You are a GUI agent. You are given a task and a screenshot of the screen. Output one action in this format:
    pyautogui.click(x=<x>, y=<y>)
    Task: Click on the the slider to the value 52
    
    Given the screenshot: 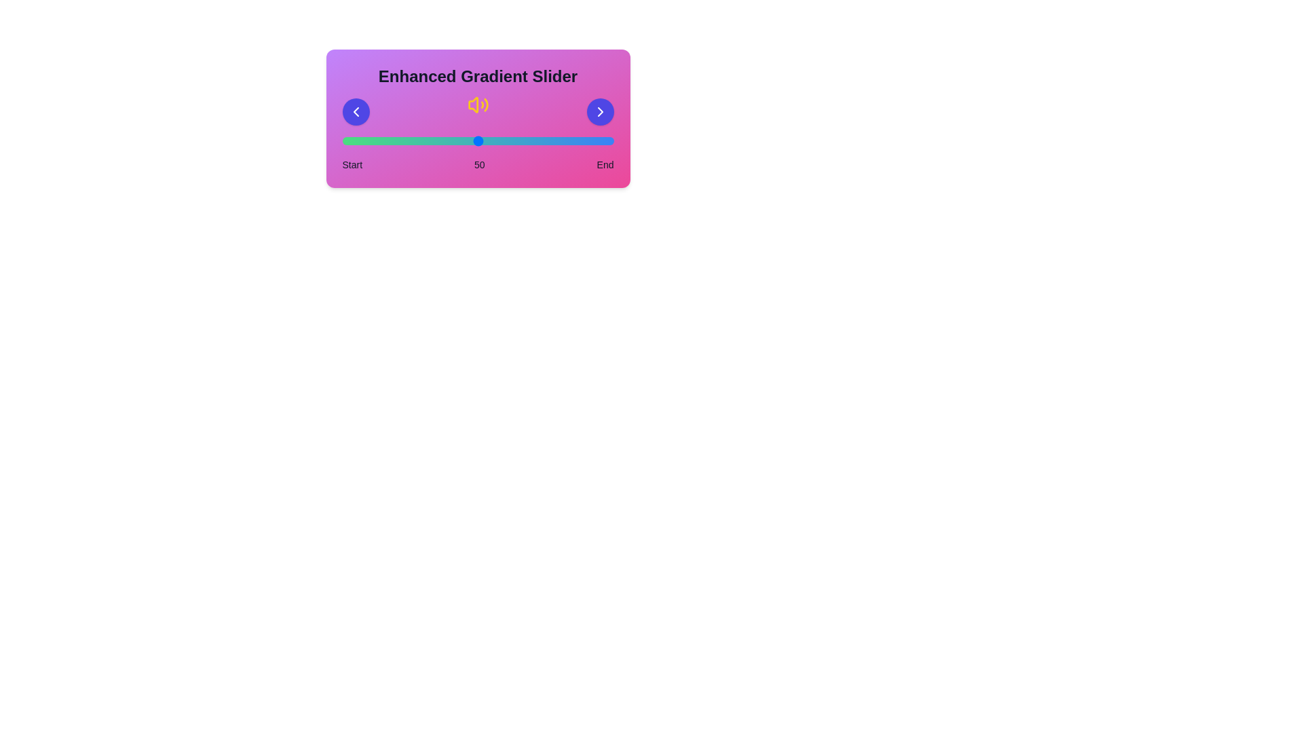 What is the action you would take?
    pyautogui.click(x=483, y=141)
    